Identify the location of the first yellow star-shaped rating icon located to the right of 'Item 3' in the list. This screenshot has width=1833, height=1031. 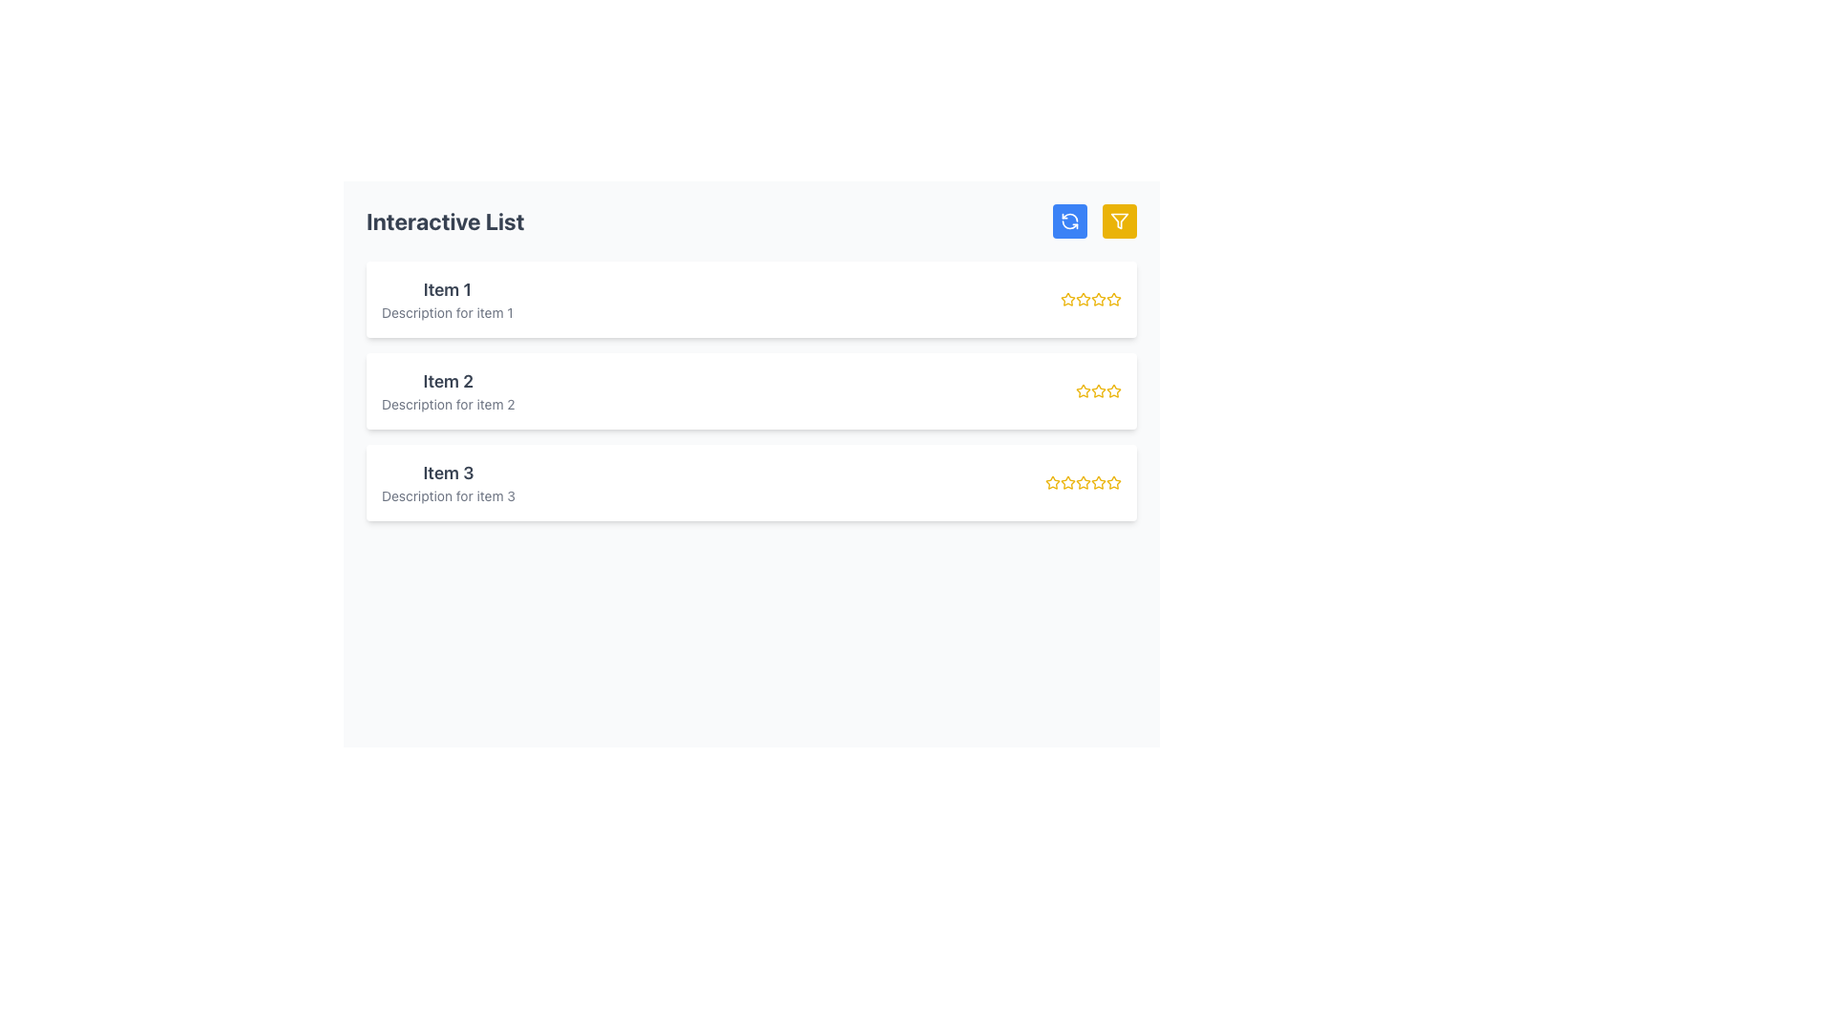
(1052, 481).